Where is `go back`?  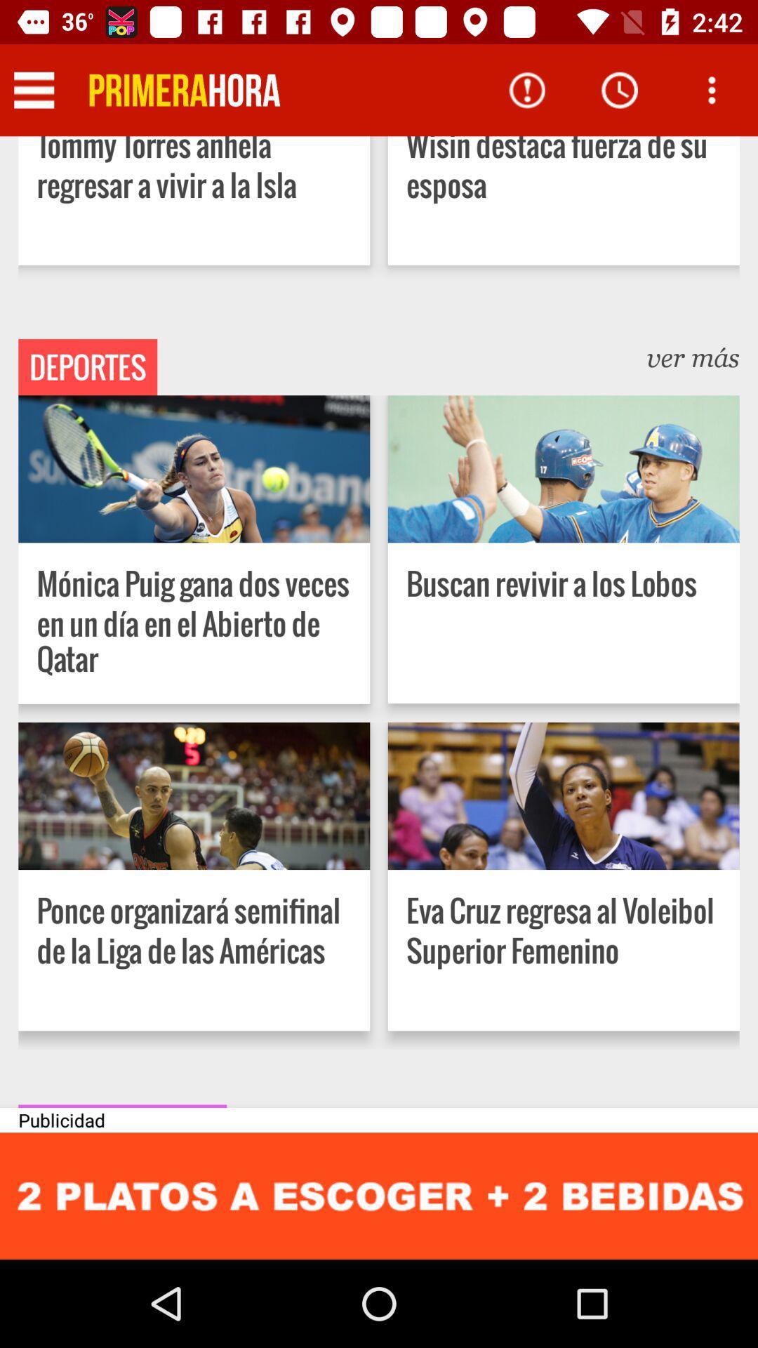 go back is located at coordinates (184, 89).